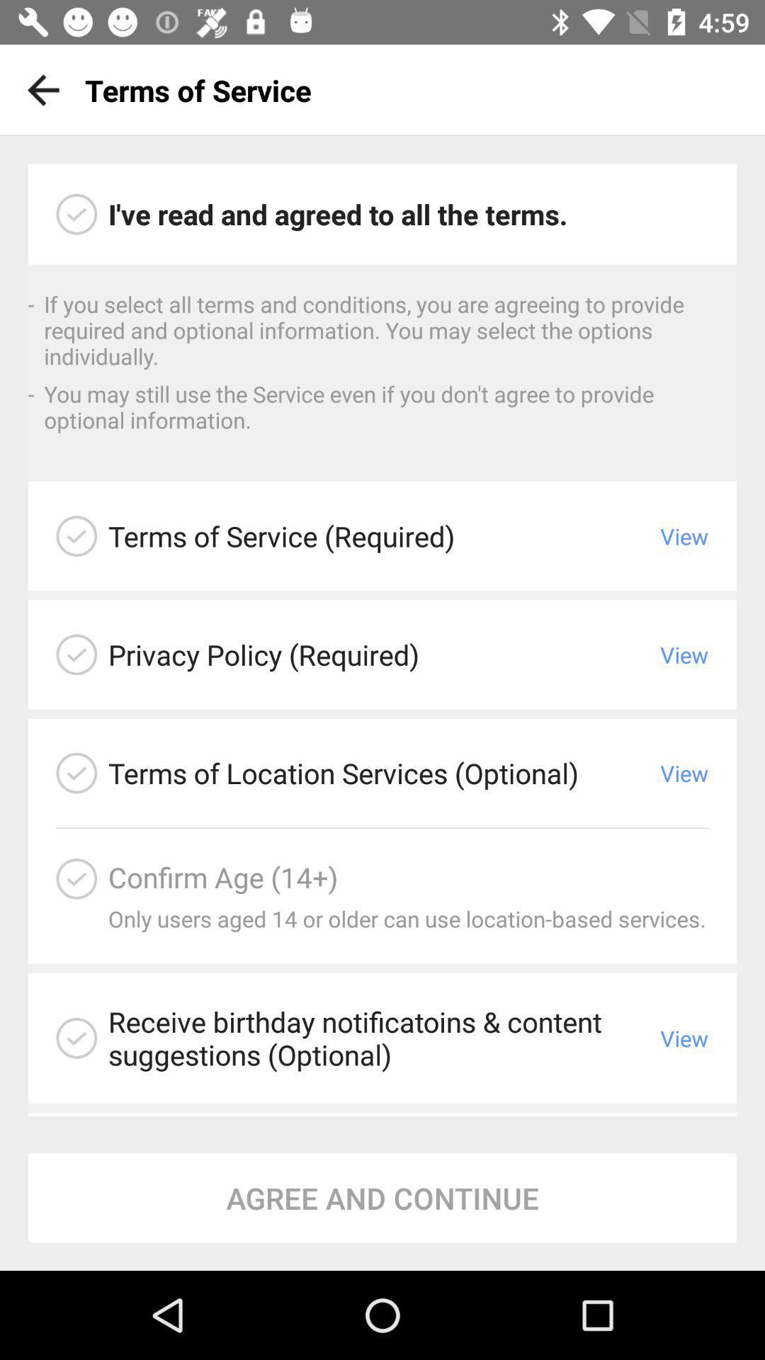  What do you see at coordinates (76, 535) in the screenshot?
I see `check to agree` at bounding box center [76, 535].